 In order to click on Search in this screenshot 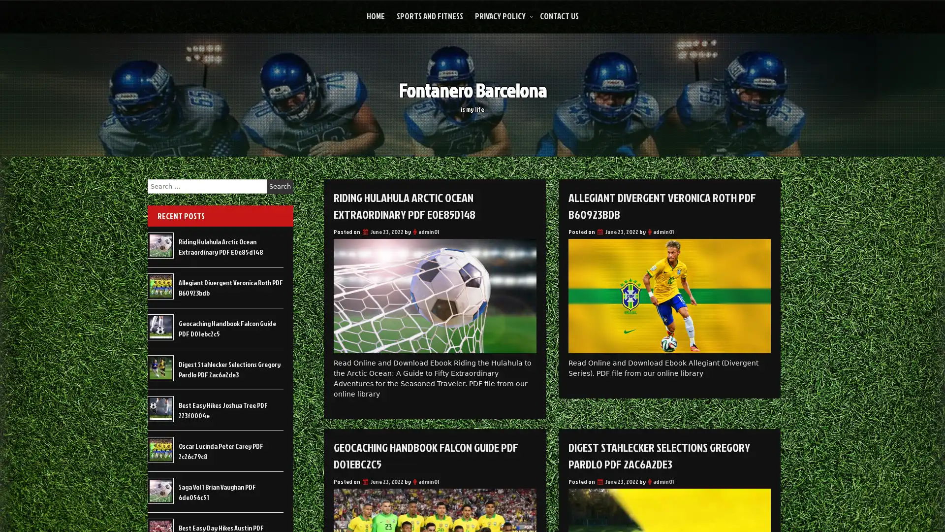, I will do `click(280, 186)`.